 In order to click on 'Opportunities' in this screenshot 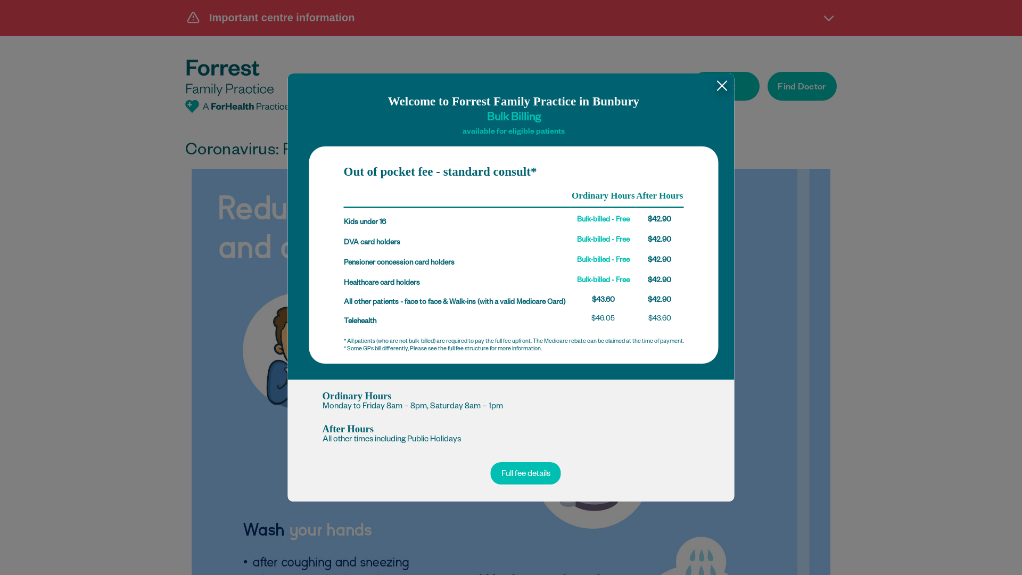, I will do `click(636, 87)`.